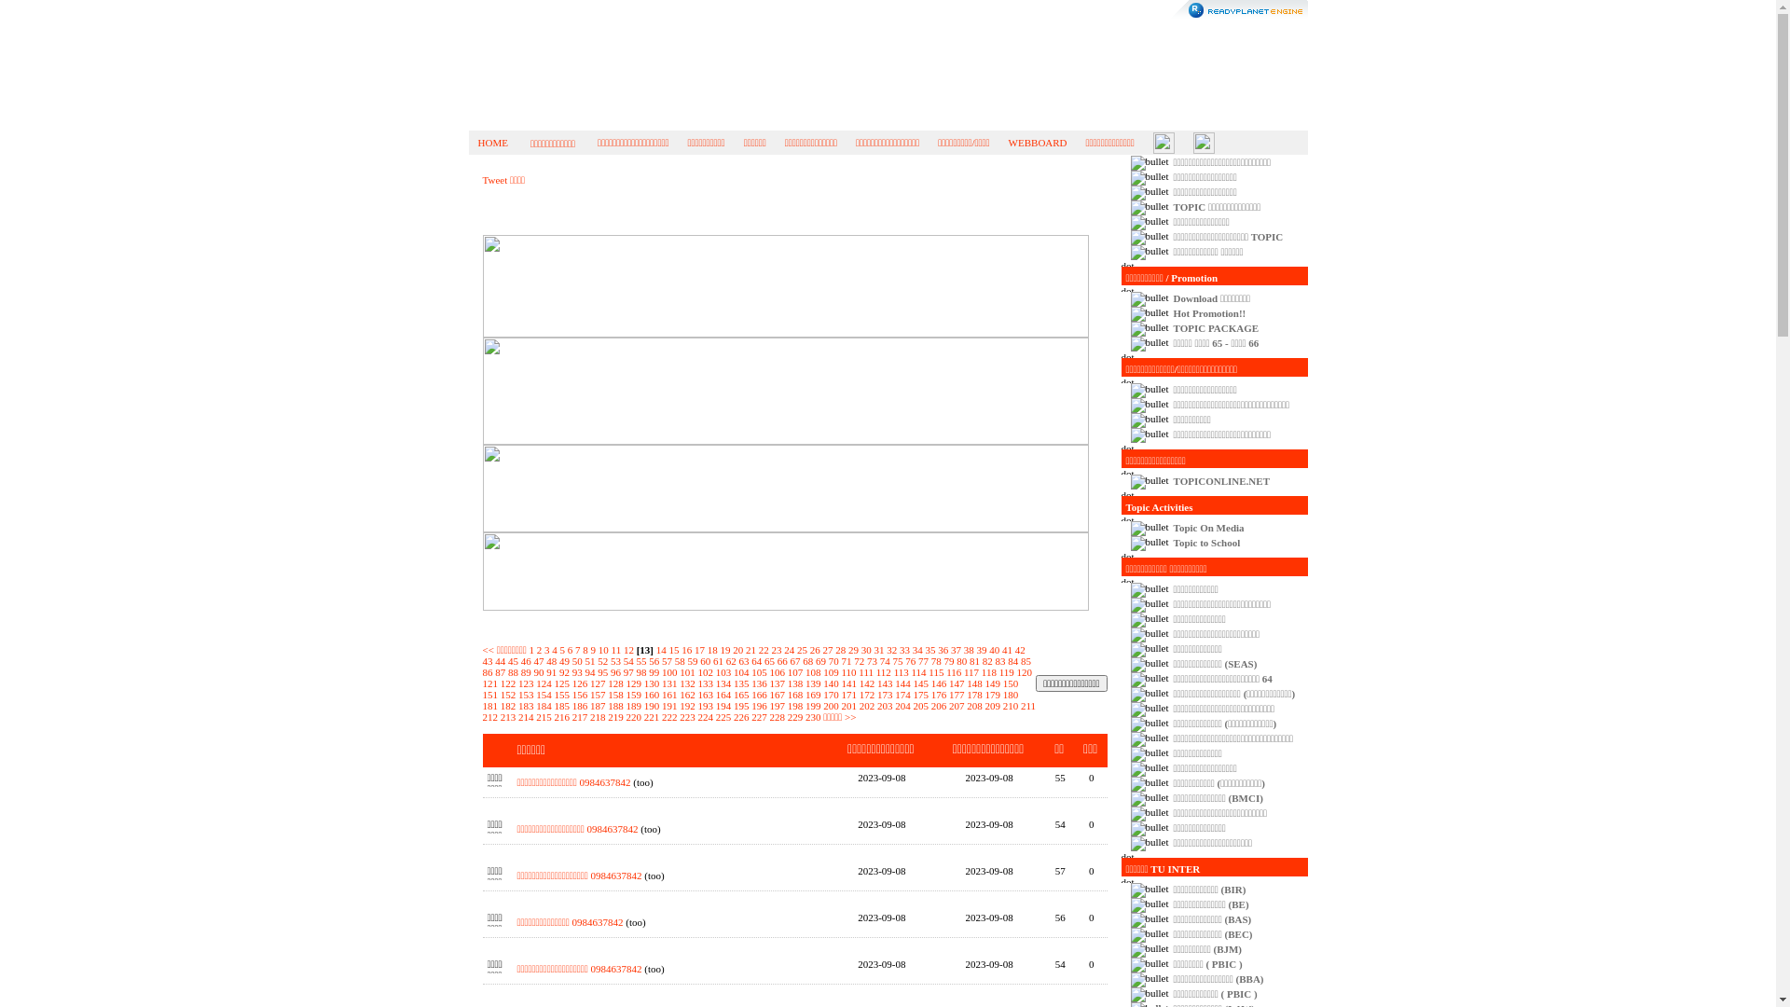  Describe the element at coordinates (483, 715) in the screenshot. I see `'212'` at that location.